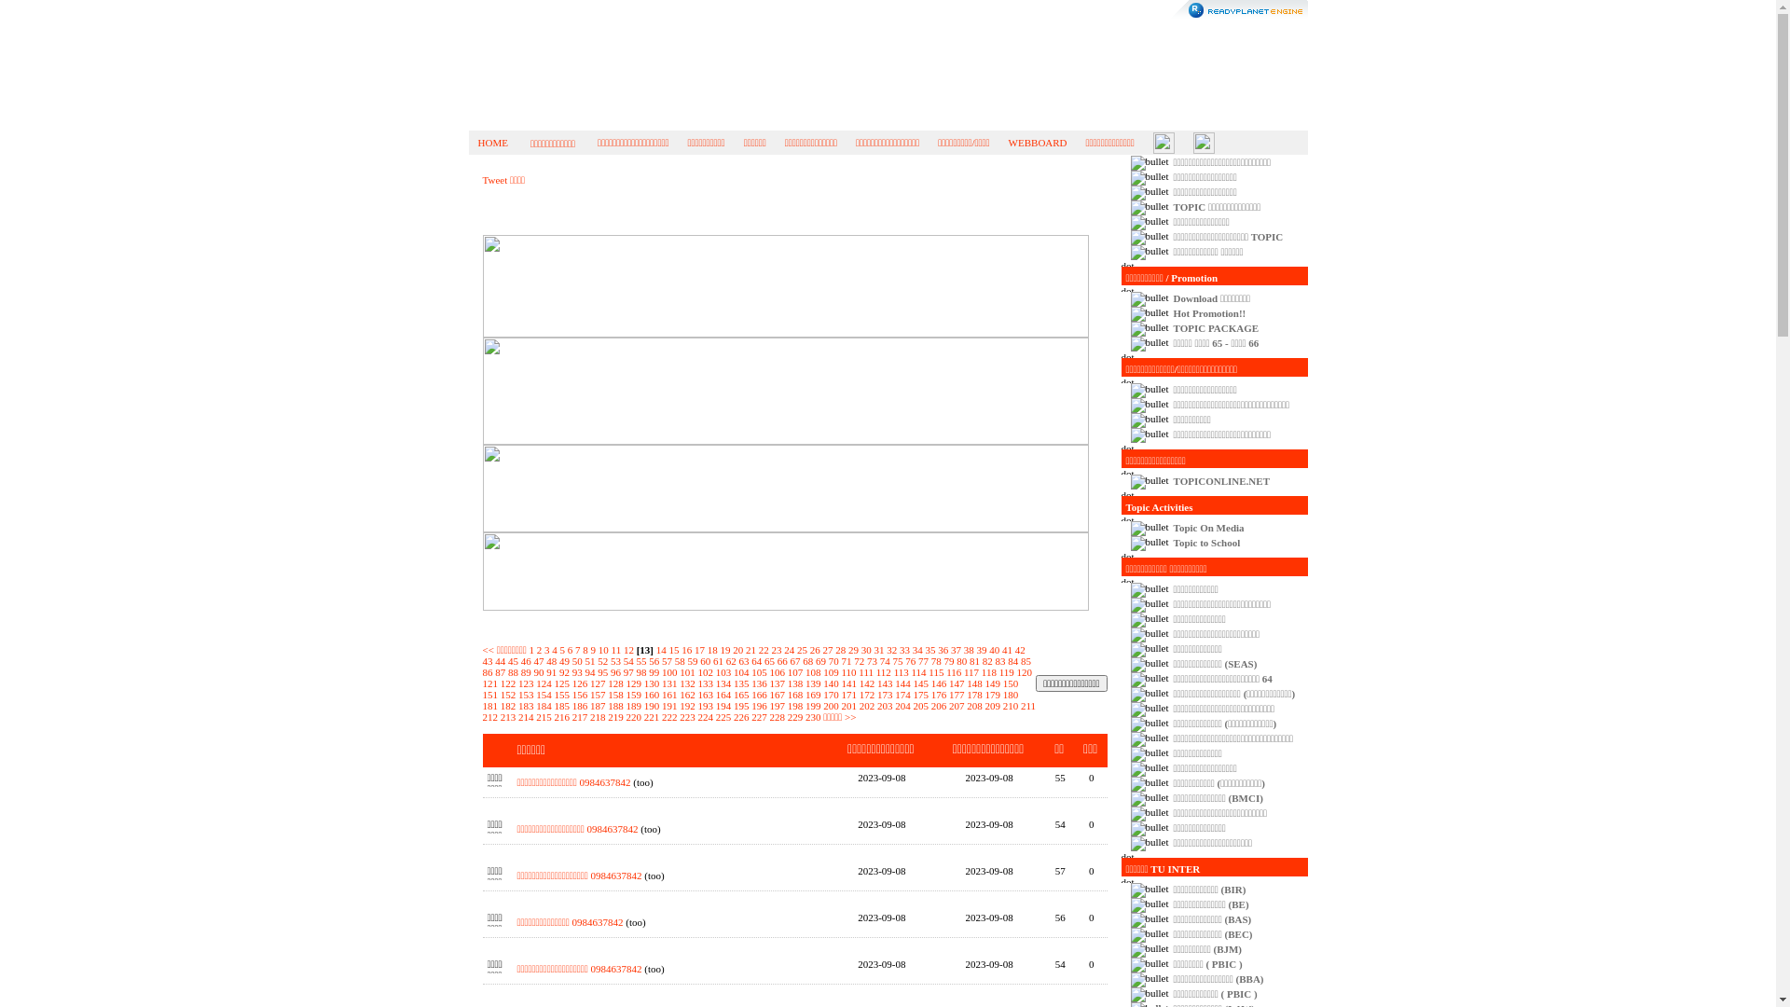  Describe the element at coordinates (483, 715) in the screenshot. I see `'212'` at that location.